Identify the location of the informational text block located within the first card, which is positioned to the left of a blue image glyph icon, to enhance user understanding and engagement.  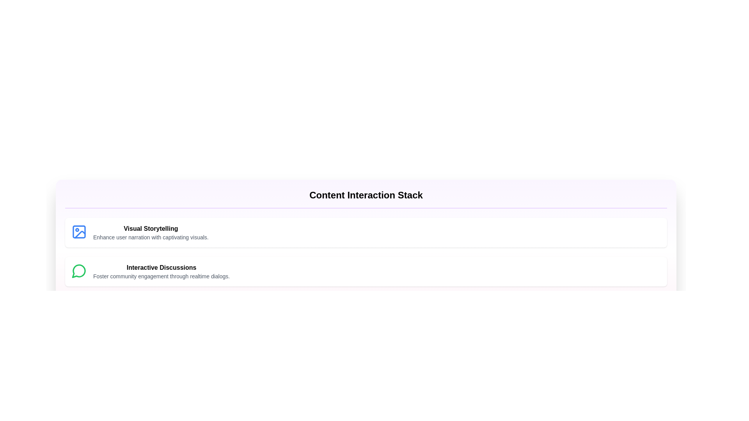
(151, 232).